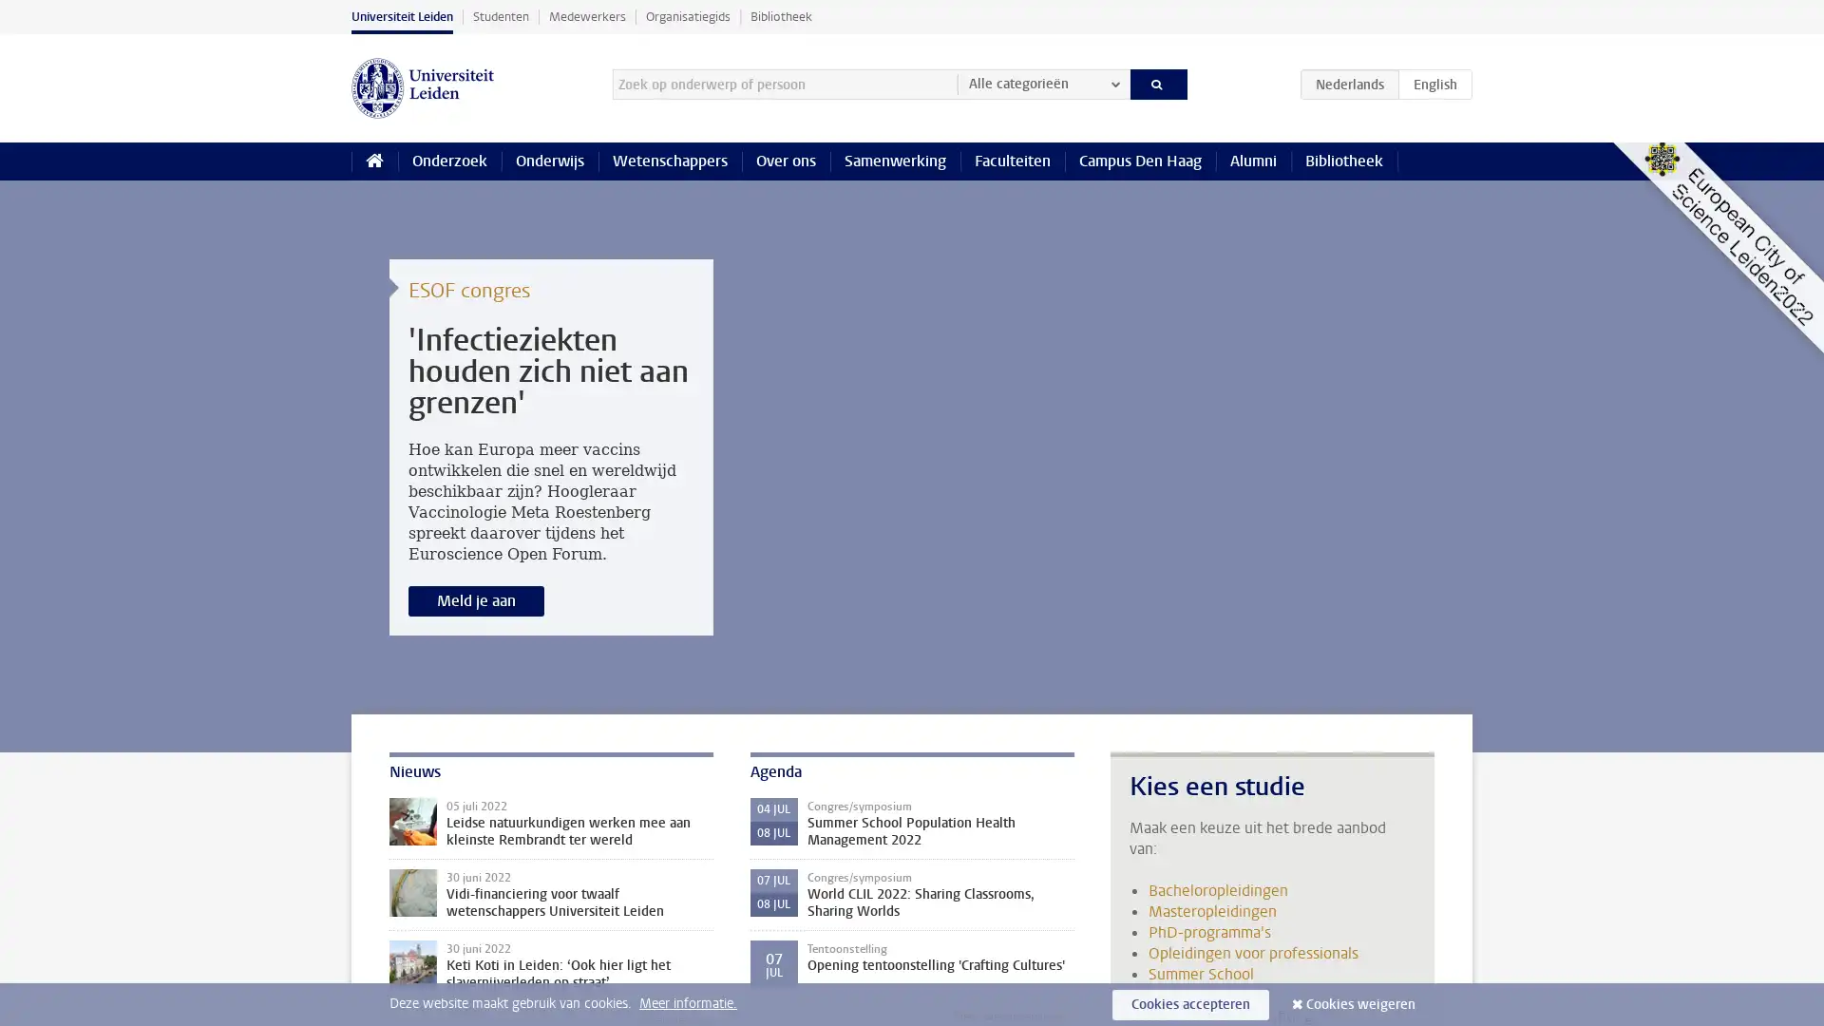 This screenshot has height=1026, width=1824. Describe the element at coordinates (1157, 83) in the screenshot. I see `Zoeken` at that location.